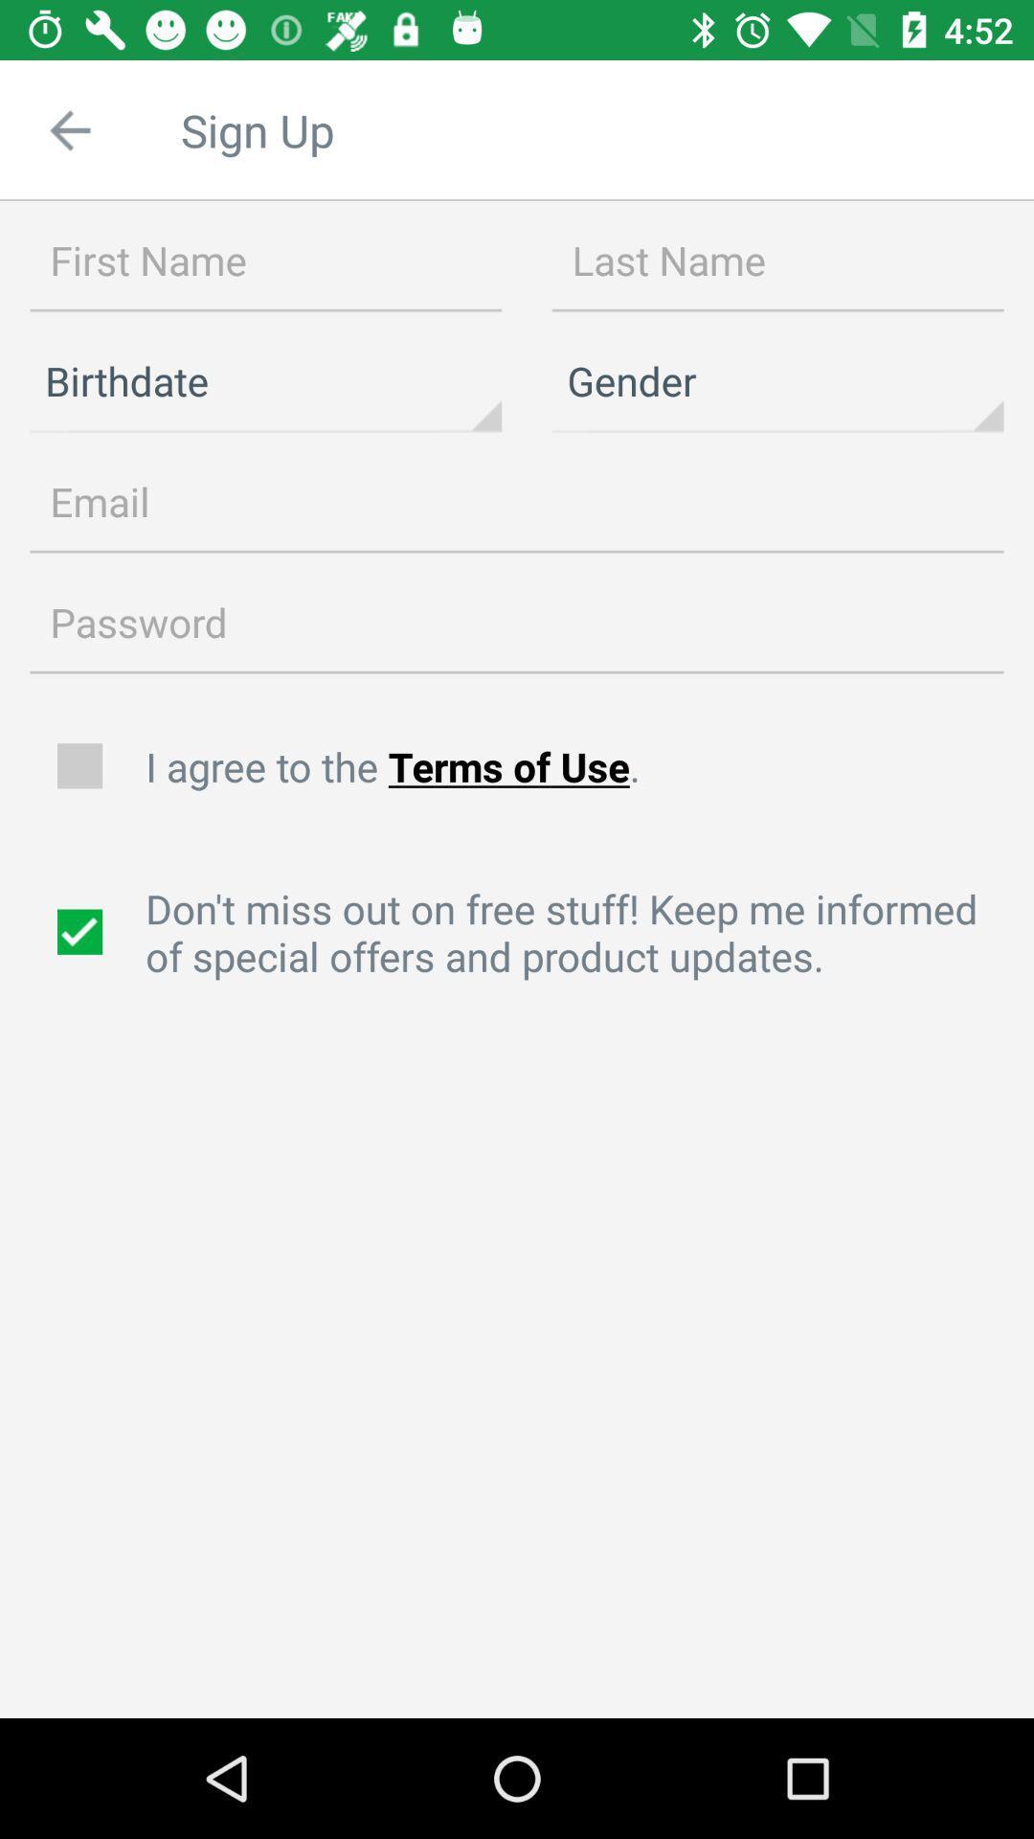 Image resolution: width=1034 pixels, height=1839 pixels. What do you see at coordinates (517, 624) in the screenshot?
I see `item above the i agree to icon` at bounding box center [517, 624].